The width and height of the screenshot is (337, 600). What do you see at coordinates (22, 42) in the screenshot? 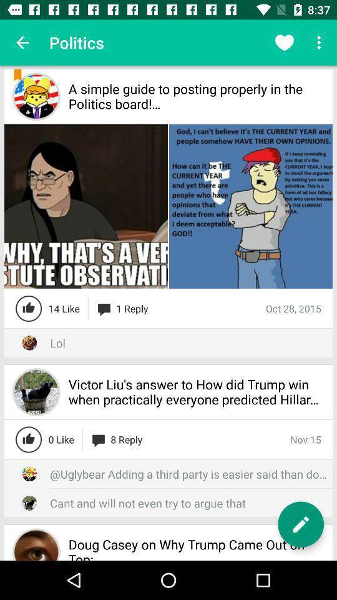
I see `the app next to politics icon` at bounding box center [22, 42].